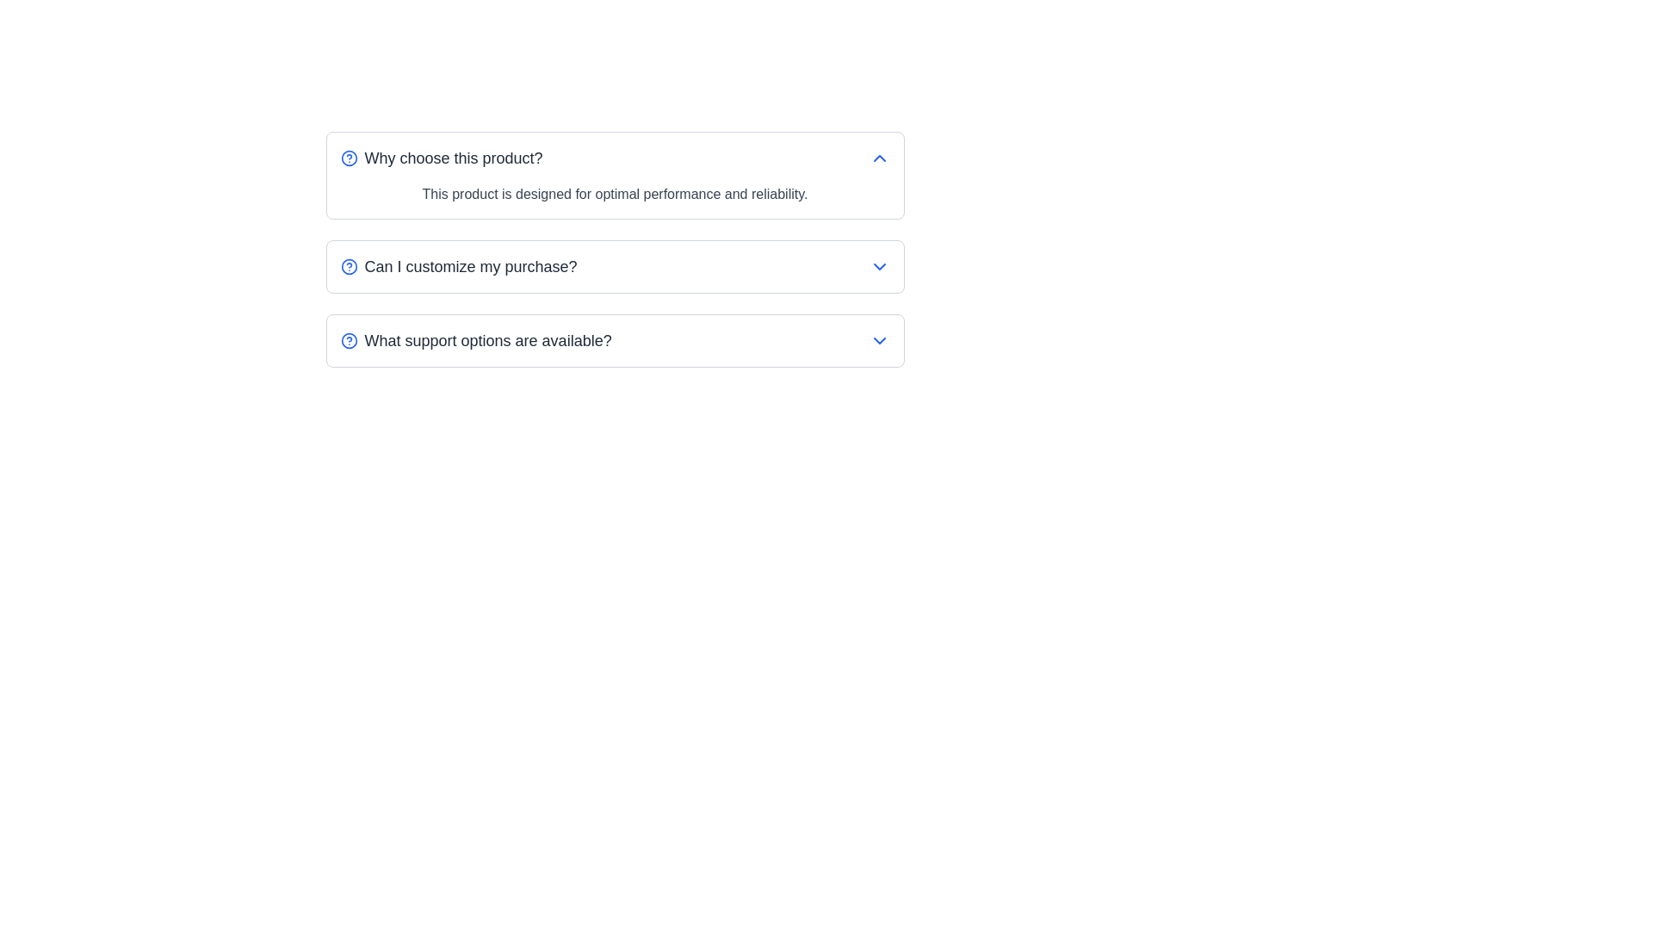 The image size is (1653, 930). Describe the element at coordinates (879, 341) in the screenshot. I see `the Icon button located at the far-right side of the last row labeled 'What support options are available?'` at that location.